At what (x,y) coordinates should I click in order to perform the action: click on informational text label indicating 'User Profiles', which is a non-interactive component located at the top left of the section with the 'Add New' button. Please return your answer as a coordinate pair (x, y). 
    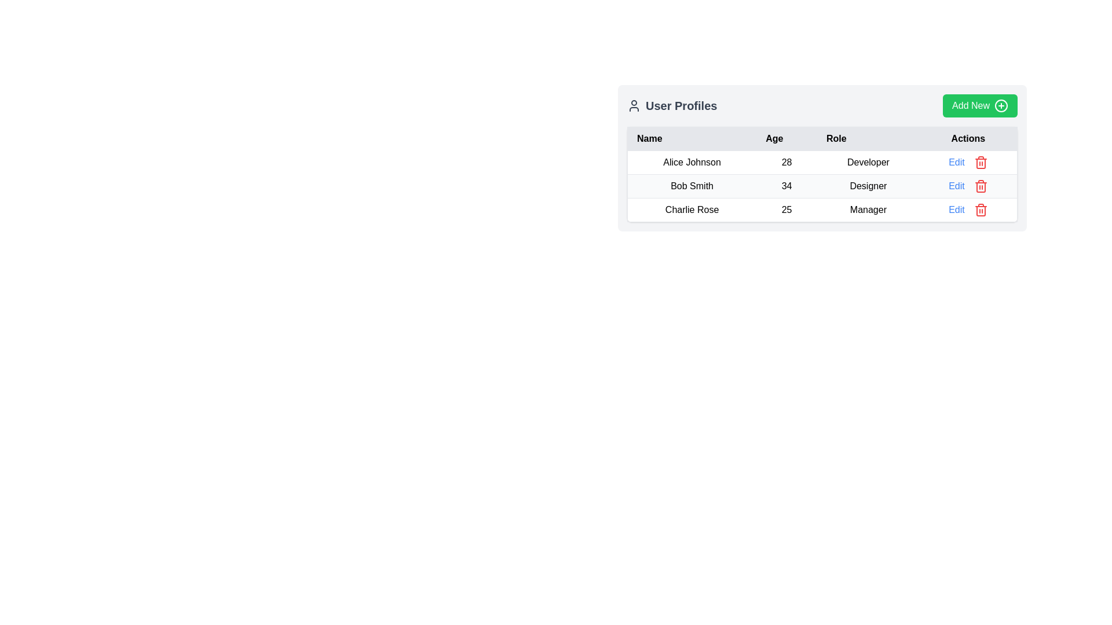
    Looking at the image, I should click on (672, 105).